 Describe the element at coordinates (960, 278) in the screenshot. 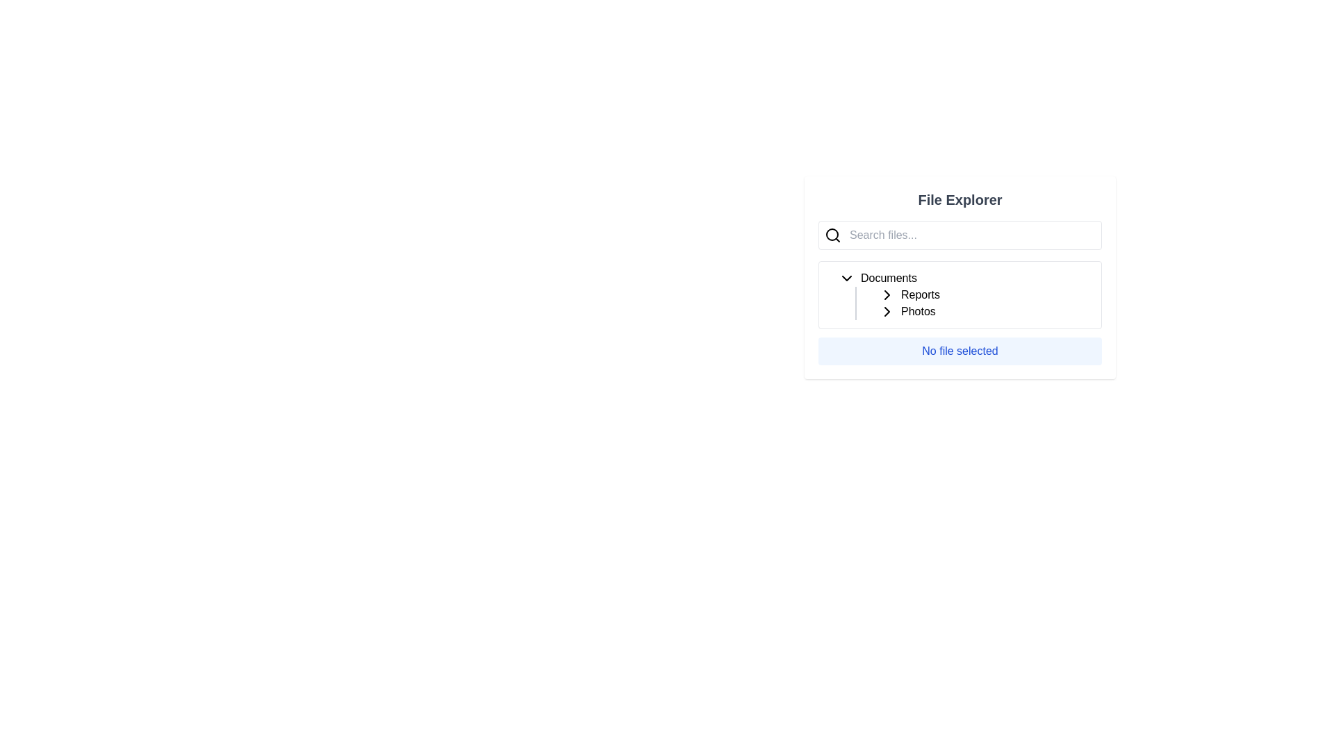

I see `the dropdown in the File Explorer section to manage file navigation` at that location.